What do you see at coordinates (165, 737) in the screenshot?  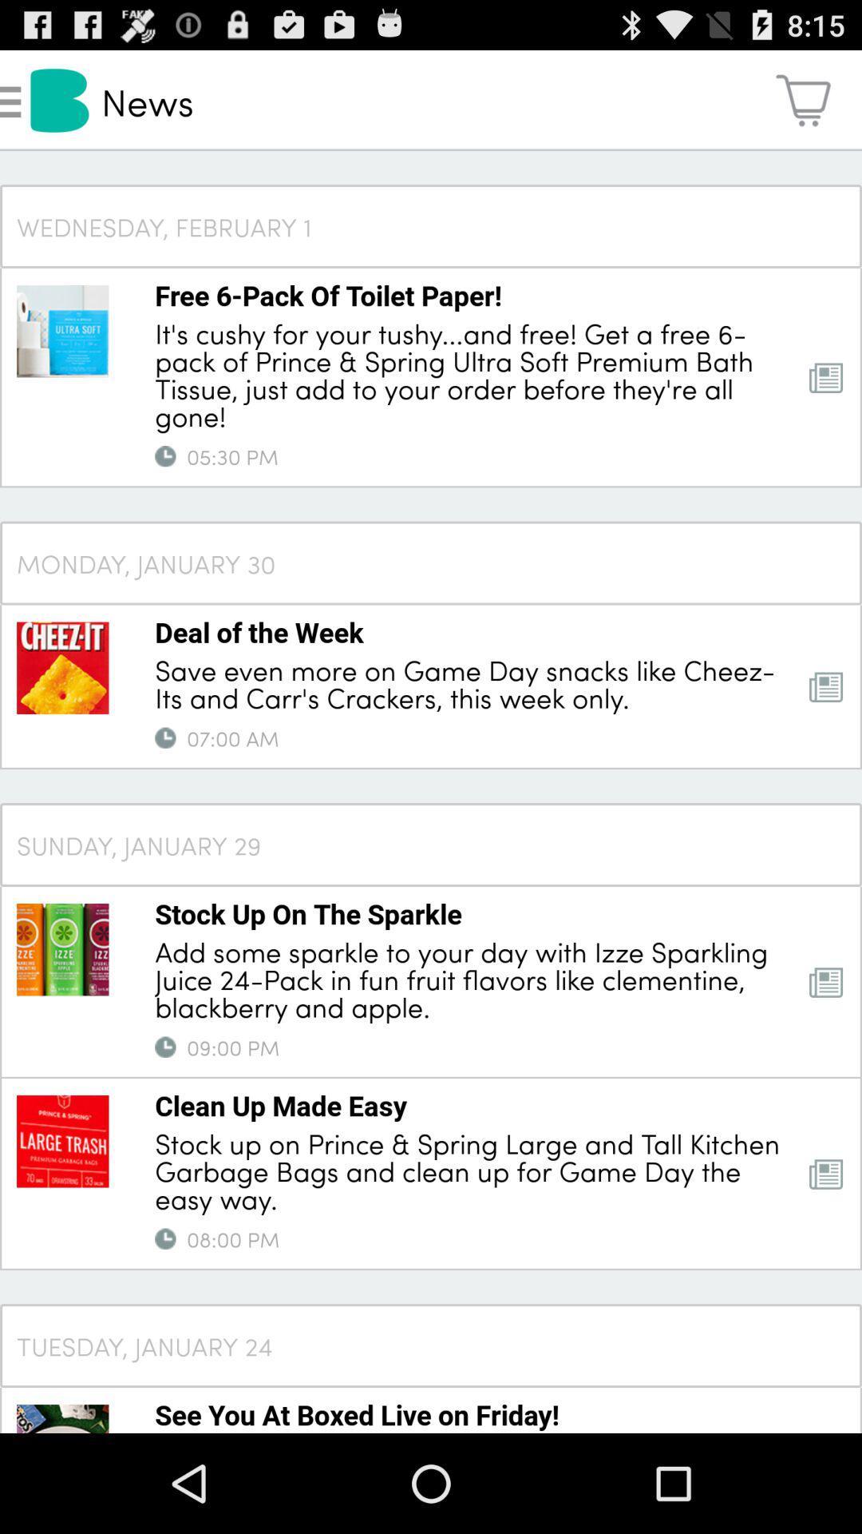 I see `item to the left of the 07:00 am item` at bounding box center [165, 737].